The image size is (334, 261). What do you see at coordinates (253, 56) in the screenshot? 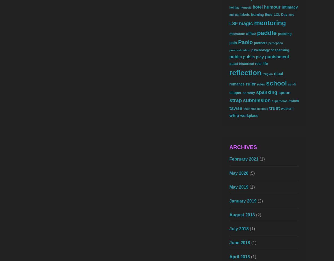
I see `'public play'` at bounding box center [253, 56].